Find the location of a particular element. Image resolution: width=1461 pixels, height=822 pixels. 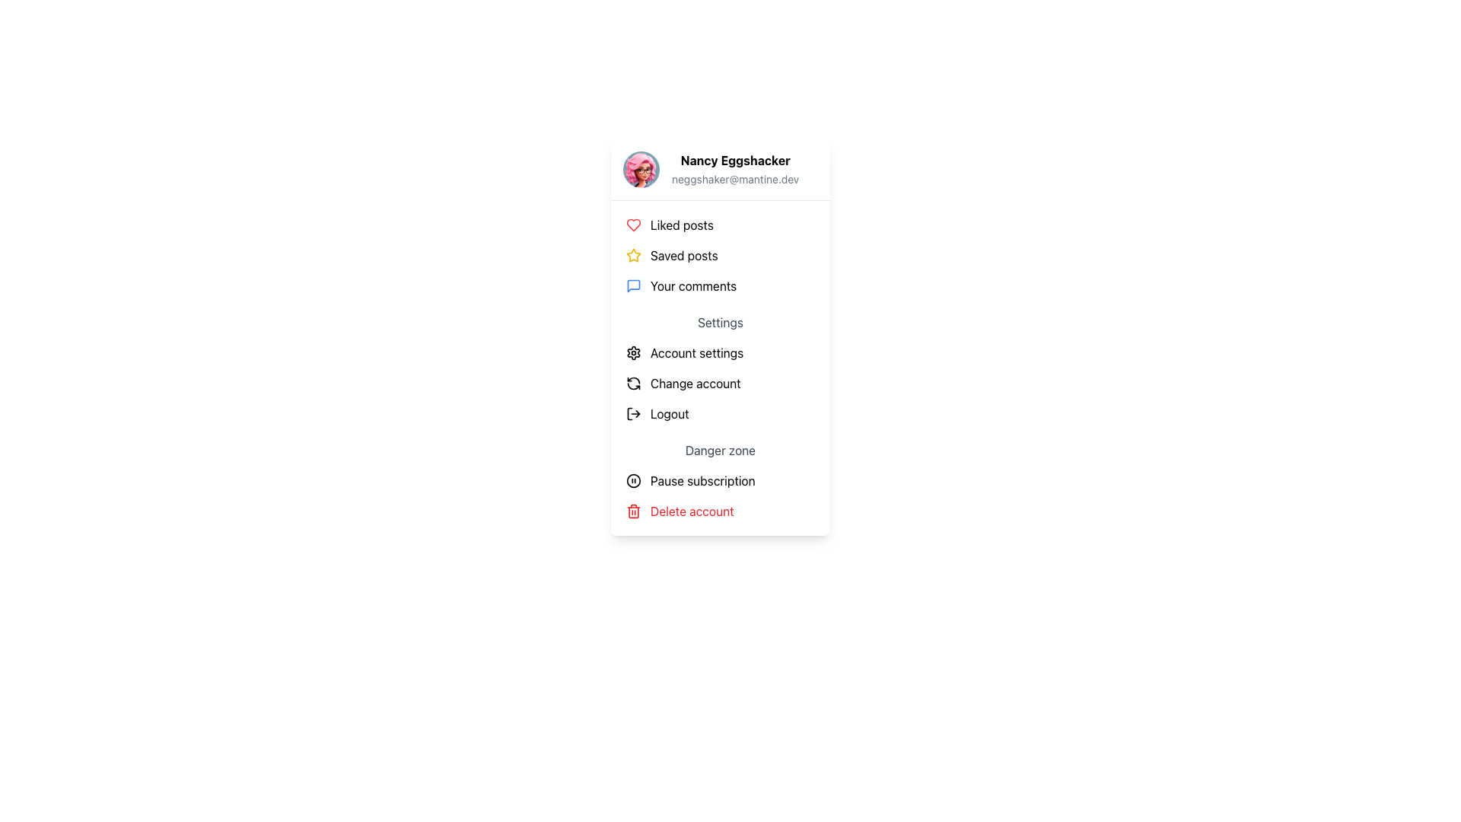

the refresh icon located to the left of the 'Change account' text is located at coordinates (634, 383).